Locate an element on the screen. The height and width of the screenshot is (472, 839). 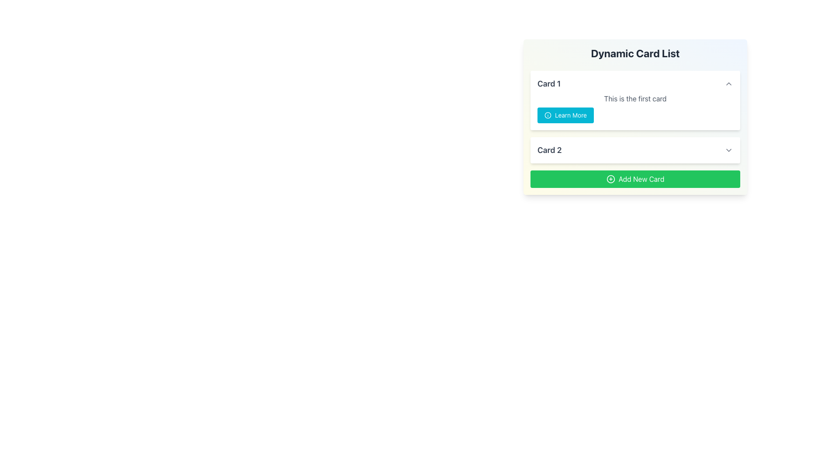
the downward-pointing chevron icon button located to the right of the 'Card 2' text in the 'Dynamic Card List' content area is located at coordinates (729, 149).